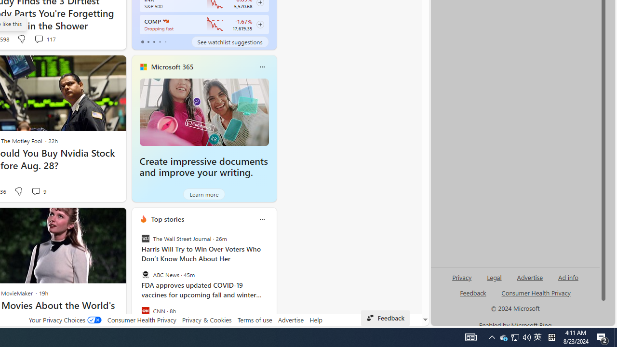 This screenshot has width=617, height=347. Describe the element at coordinates (203, 194) in the screenshot. I see `'Learn more'` at that location.